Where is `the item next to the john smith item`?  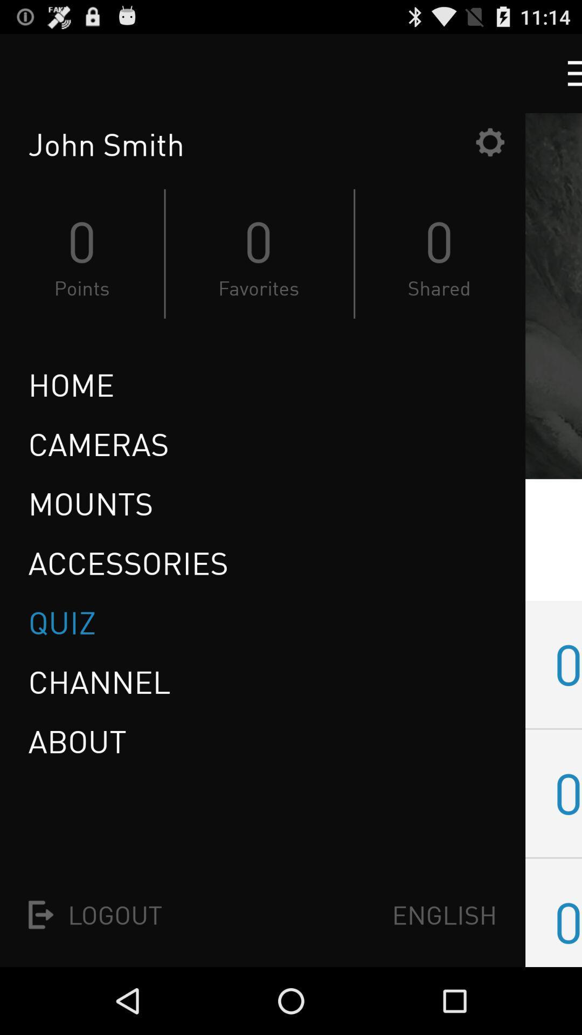 the item next to the john smith item is located at coordinates (490, 141).